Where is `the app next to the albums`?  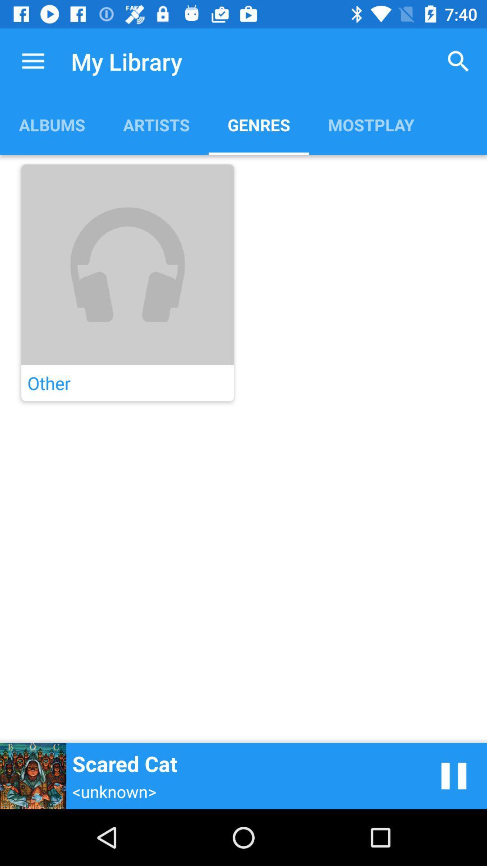
the app next to the albums is located at coordinates (156, 124).